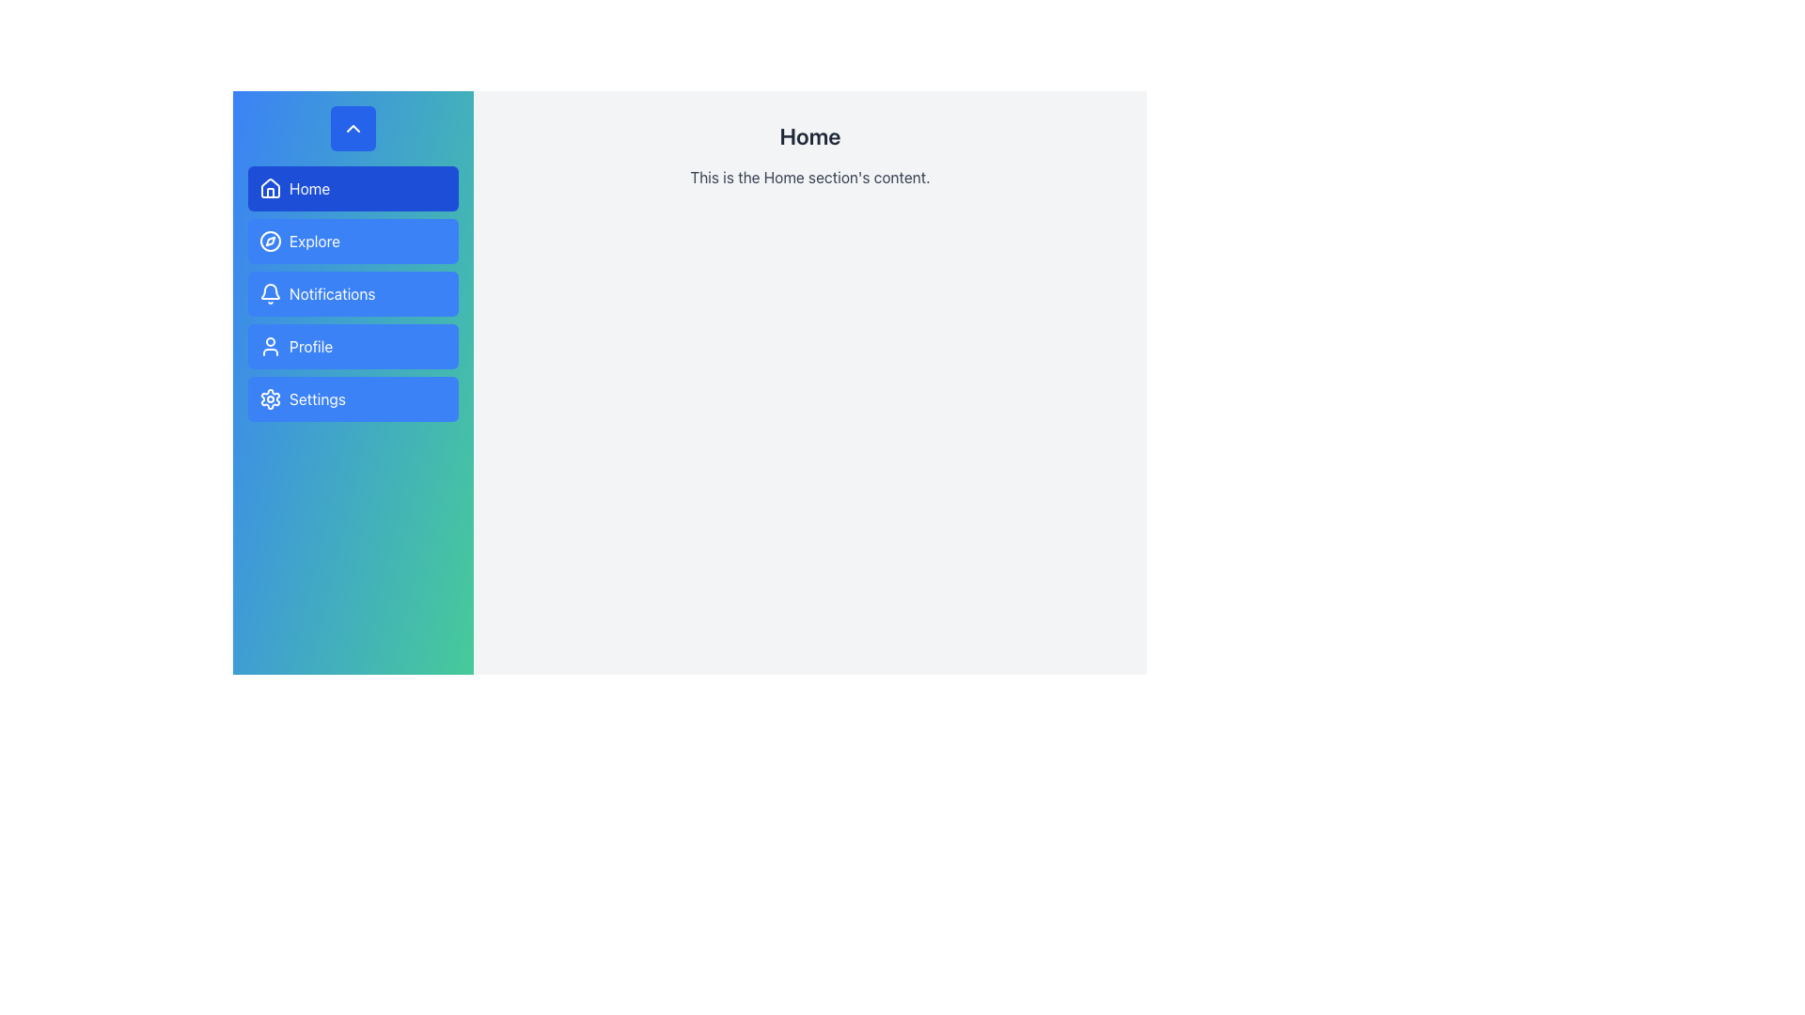 The image size is (1805, 1015). I want to click on the 'Home' header text displayed in bold sans-serif font at the top center of the main content area, positioned above the body text, so click(810, 135).